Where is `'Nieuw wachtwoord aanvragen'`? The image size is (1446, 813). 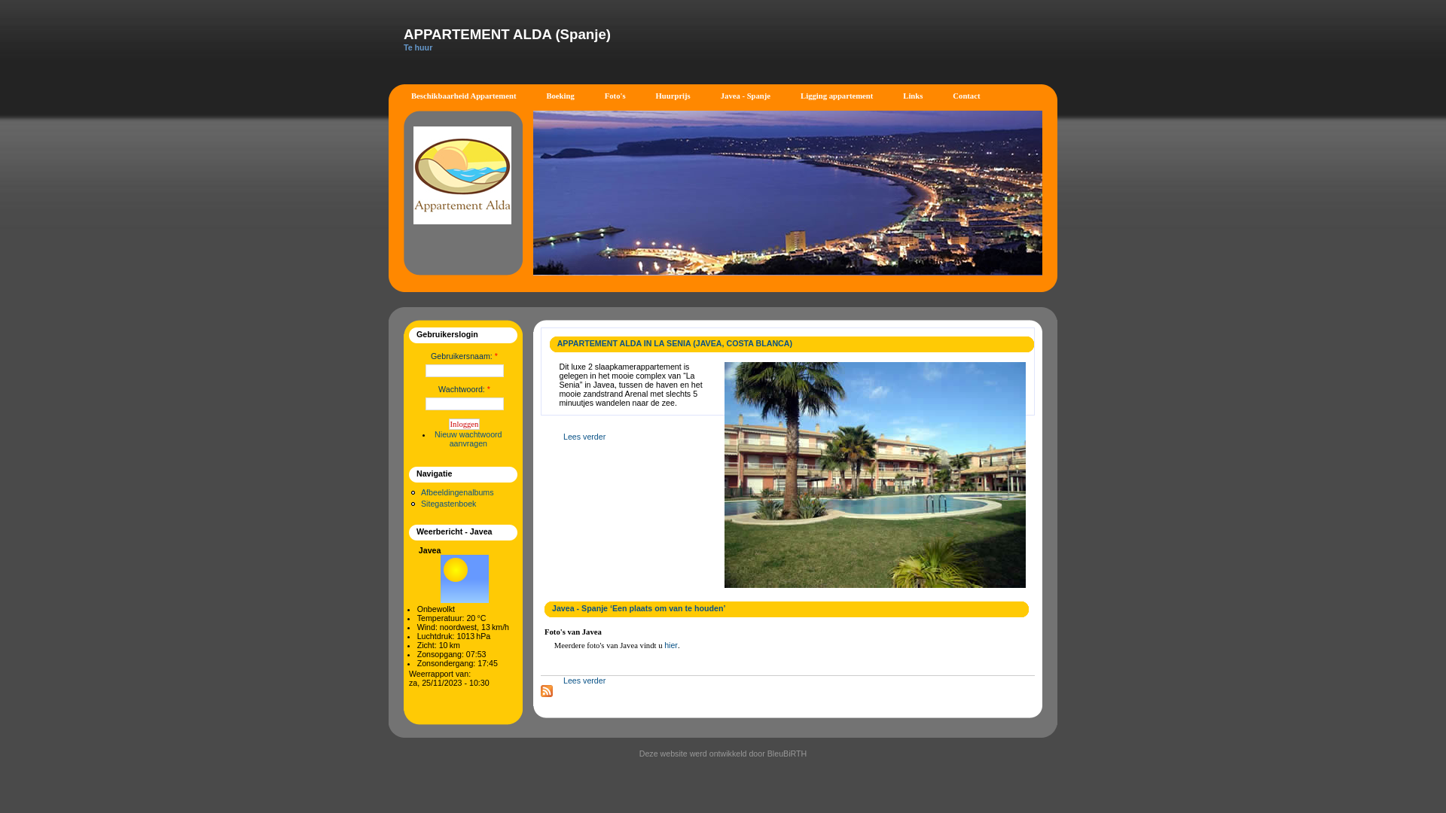
'Nieuw wachtwoord aanvragen' is located at coordinates (467, 438).